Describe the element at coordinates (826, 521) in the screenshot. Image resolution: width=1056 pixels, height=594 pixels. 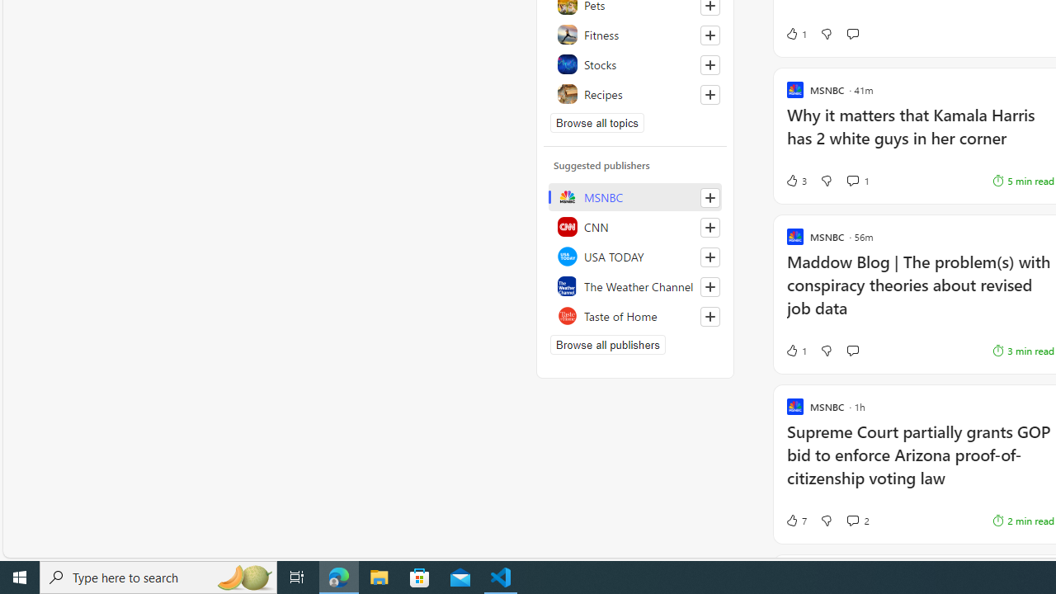
I see `'Dislike'` at that location.